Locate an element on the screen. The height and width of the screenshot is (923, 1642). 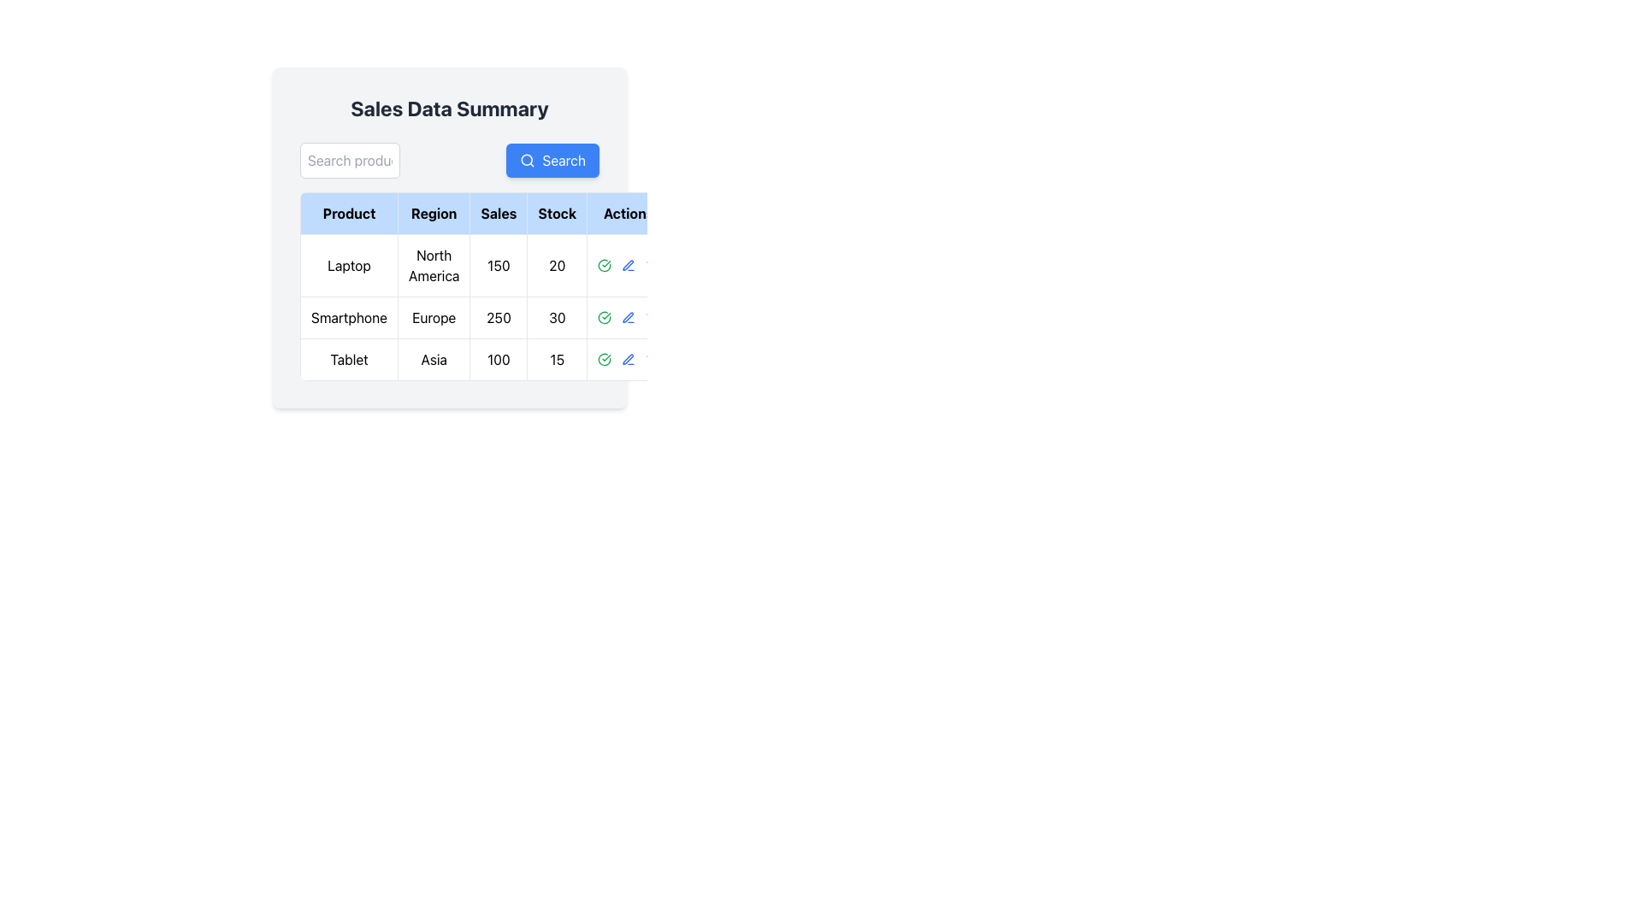
the pen icon in the 'Action' column is located at coordinates (628, 317).